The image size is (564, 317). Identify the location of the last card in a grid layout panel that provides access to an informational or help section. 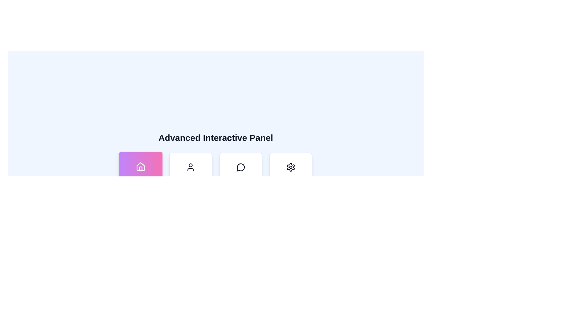
(140, 223).